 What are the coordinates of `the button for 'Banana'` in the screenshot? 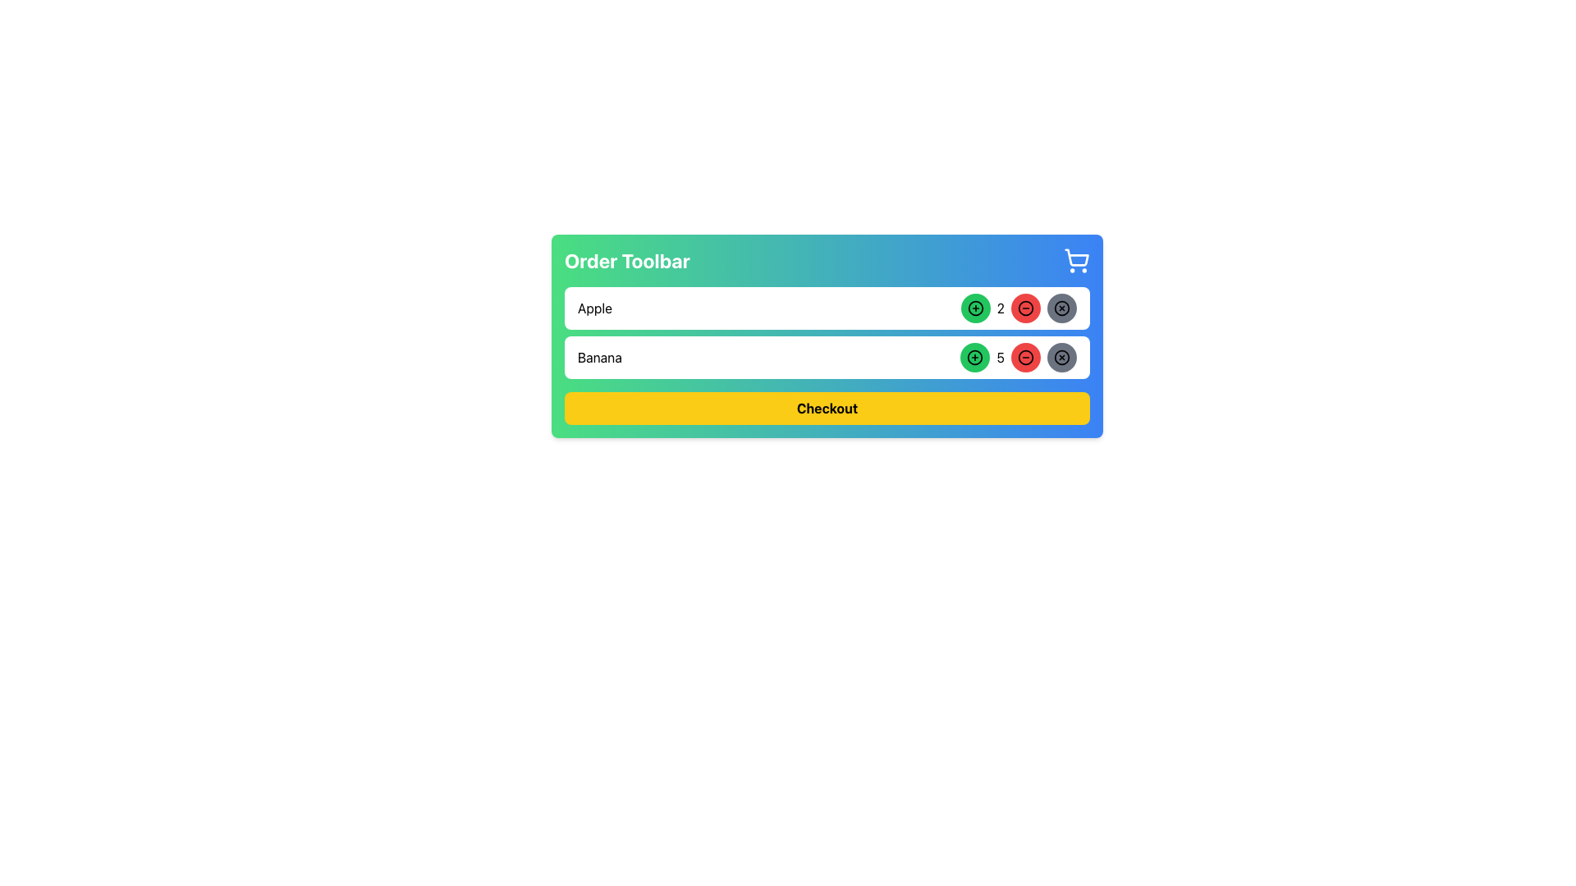 It's located at (1062, 356).